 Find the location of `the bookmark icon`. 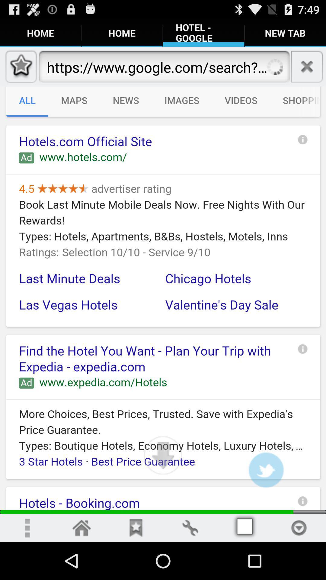

the bookmark icon is located at coordinates (136, 565).